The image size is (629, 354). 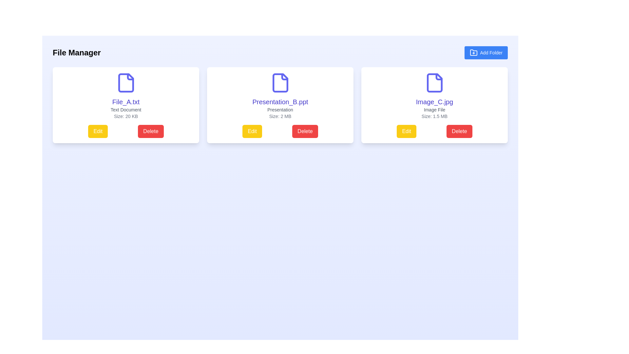 I want to click on the purple document icon with a folded corner, located at the top center of the second card in a grid layout, so click(x=280, y=83).